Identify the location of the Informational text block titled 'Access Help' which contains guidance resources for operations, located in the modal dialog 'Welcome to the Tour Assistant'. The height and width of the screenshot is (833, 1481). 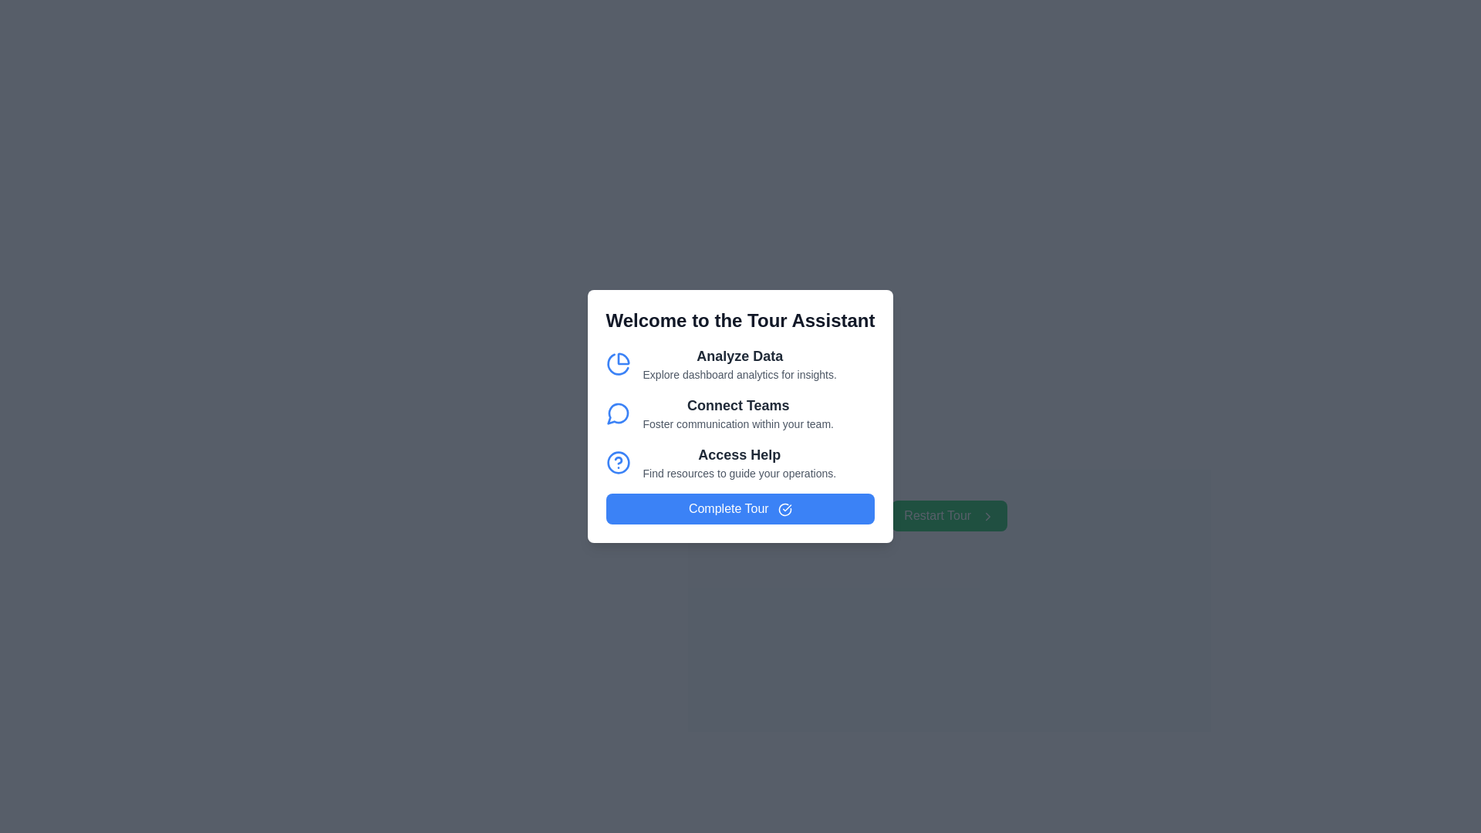
(738, 462).